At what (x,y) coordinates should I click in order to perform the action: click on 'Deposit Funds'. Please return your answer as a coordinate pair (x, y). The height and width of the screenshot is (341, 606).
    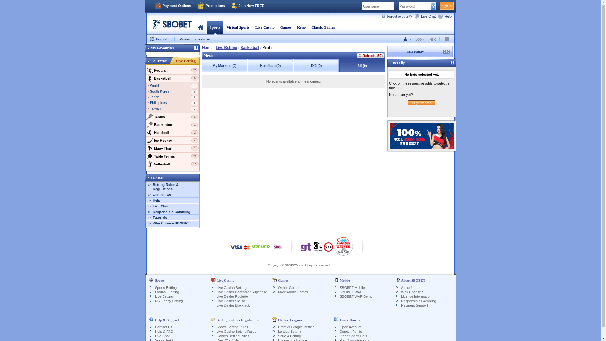
    Looking at the image, I should click on (350, 331).